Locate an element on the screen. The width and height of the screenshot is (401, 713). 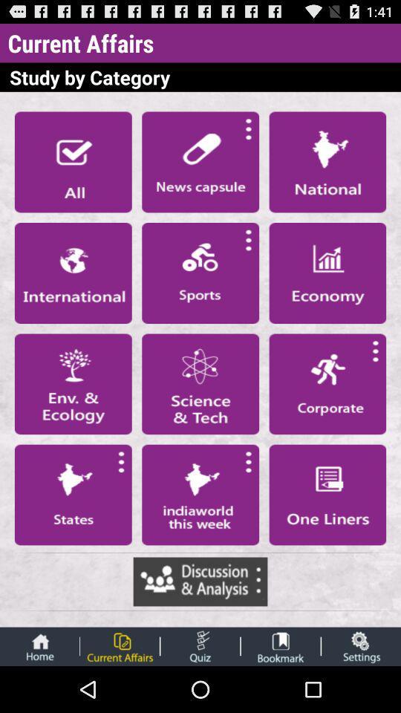
tap on a category of interest is located at coordinates (72, 383).